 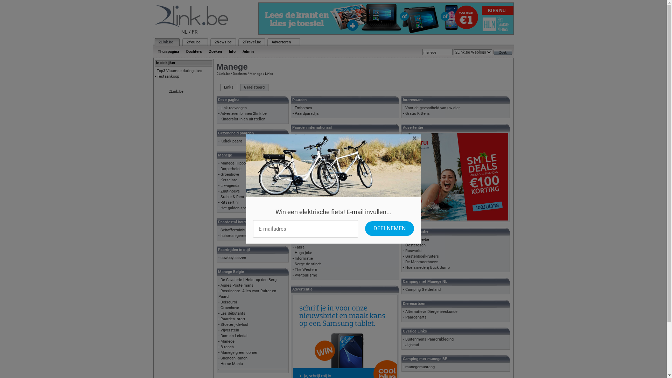 I want to click on 'Kinderslot in-en uitstellen', so click(x=243, y=119).